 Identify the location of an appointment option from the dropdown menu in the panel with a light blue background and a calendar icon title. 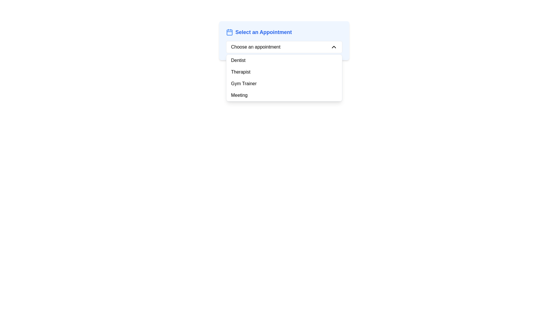
(284, 40).